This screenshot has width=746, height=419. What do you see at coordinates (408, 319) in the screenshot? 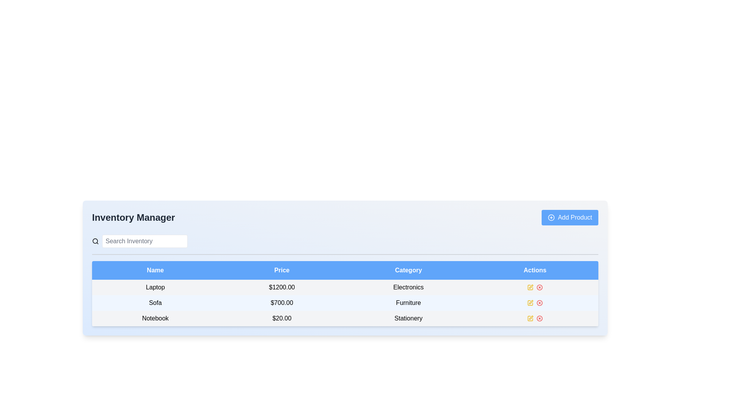
I see `the Text label displaying the product category 'Notebook' in the third row of the table` at bounding box center [408, 319].